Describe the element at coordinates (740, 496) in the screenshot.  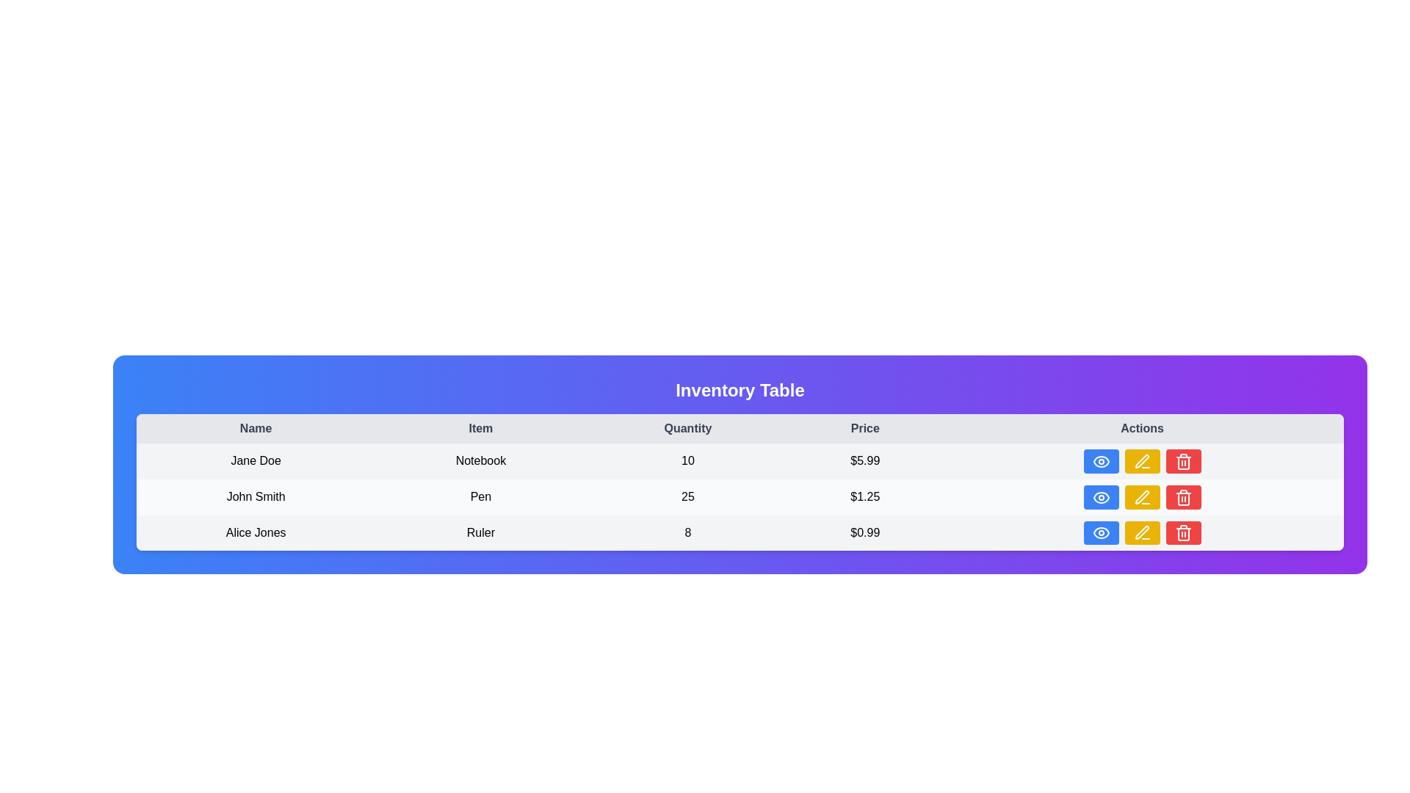
I see `the second row in the data table displaying information for 'John Smith', including details such as item, quantity, and price` at that location.